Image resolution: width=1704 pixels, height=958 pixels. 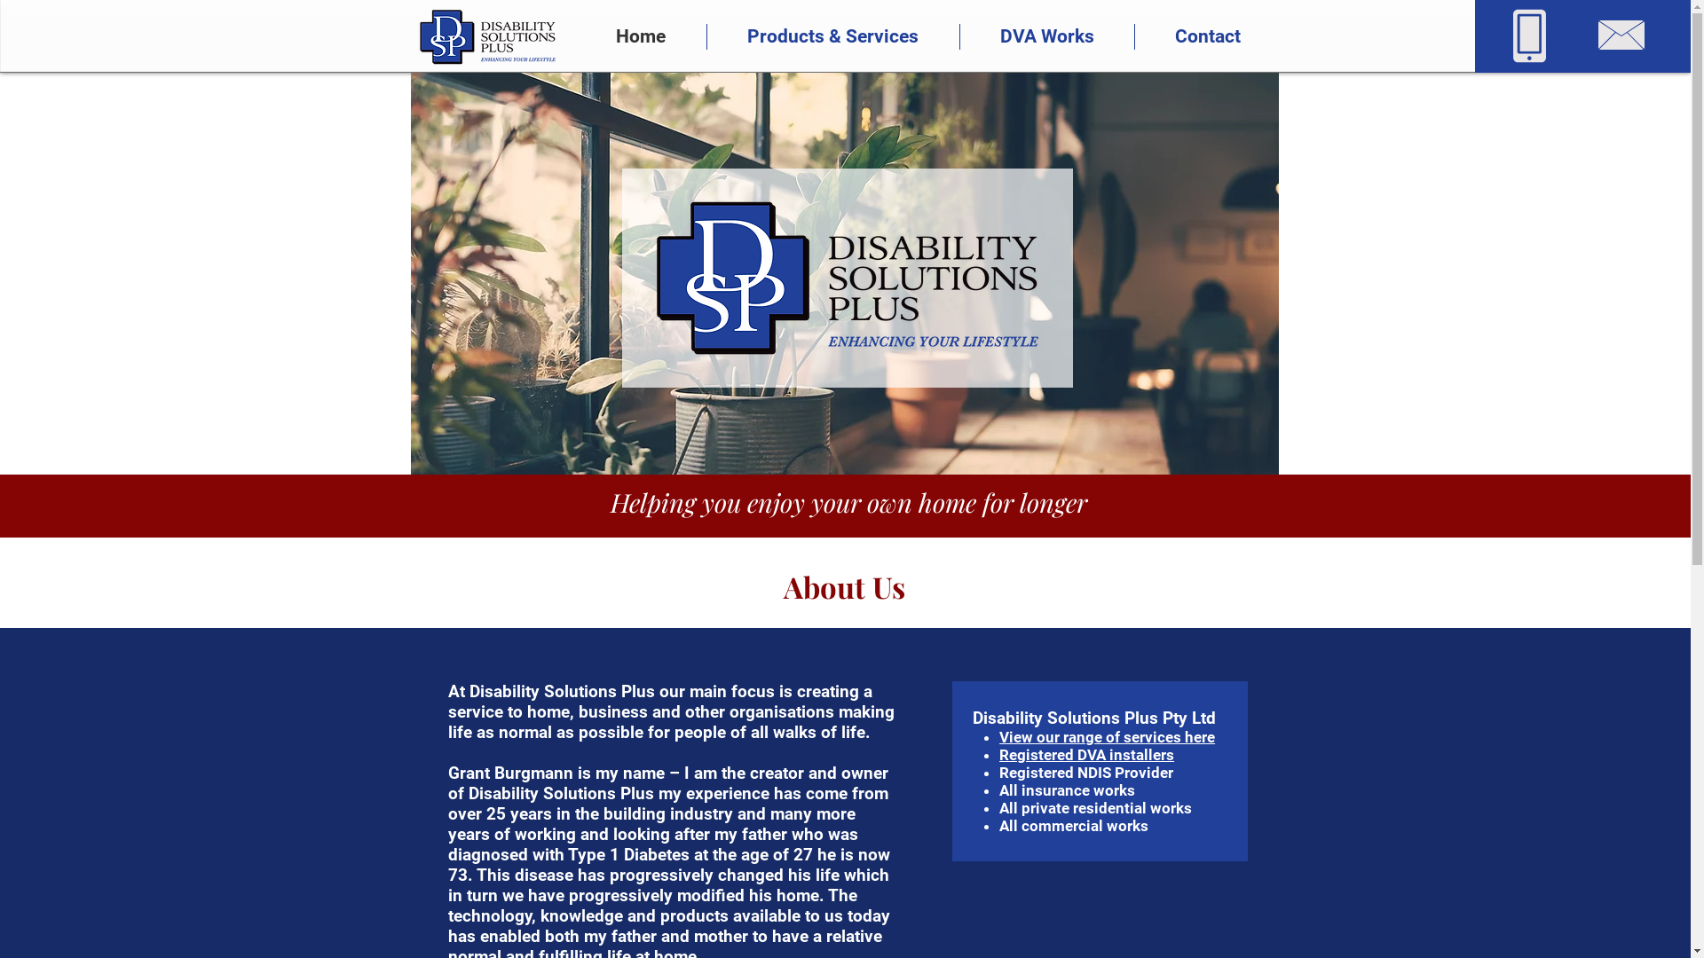 What do you see at coordinates (1129, 736) in the screenshot?
I see `'ur range of services here'` at bounding box center [1129, 736].